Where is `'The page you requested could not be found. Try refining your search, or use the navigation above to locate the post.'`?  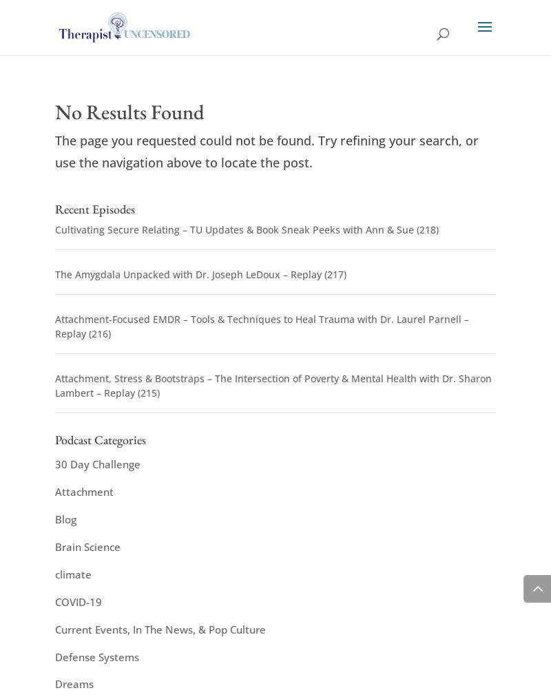
'The page you requested could not be found. Try refining your search, or use the navigation above to locate the post.' is located at coordinates (55, 152).